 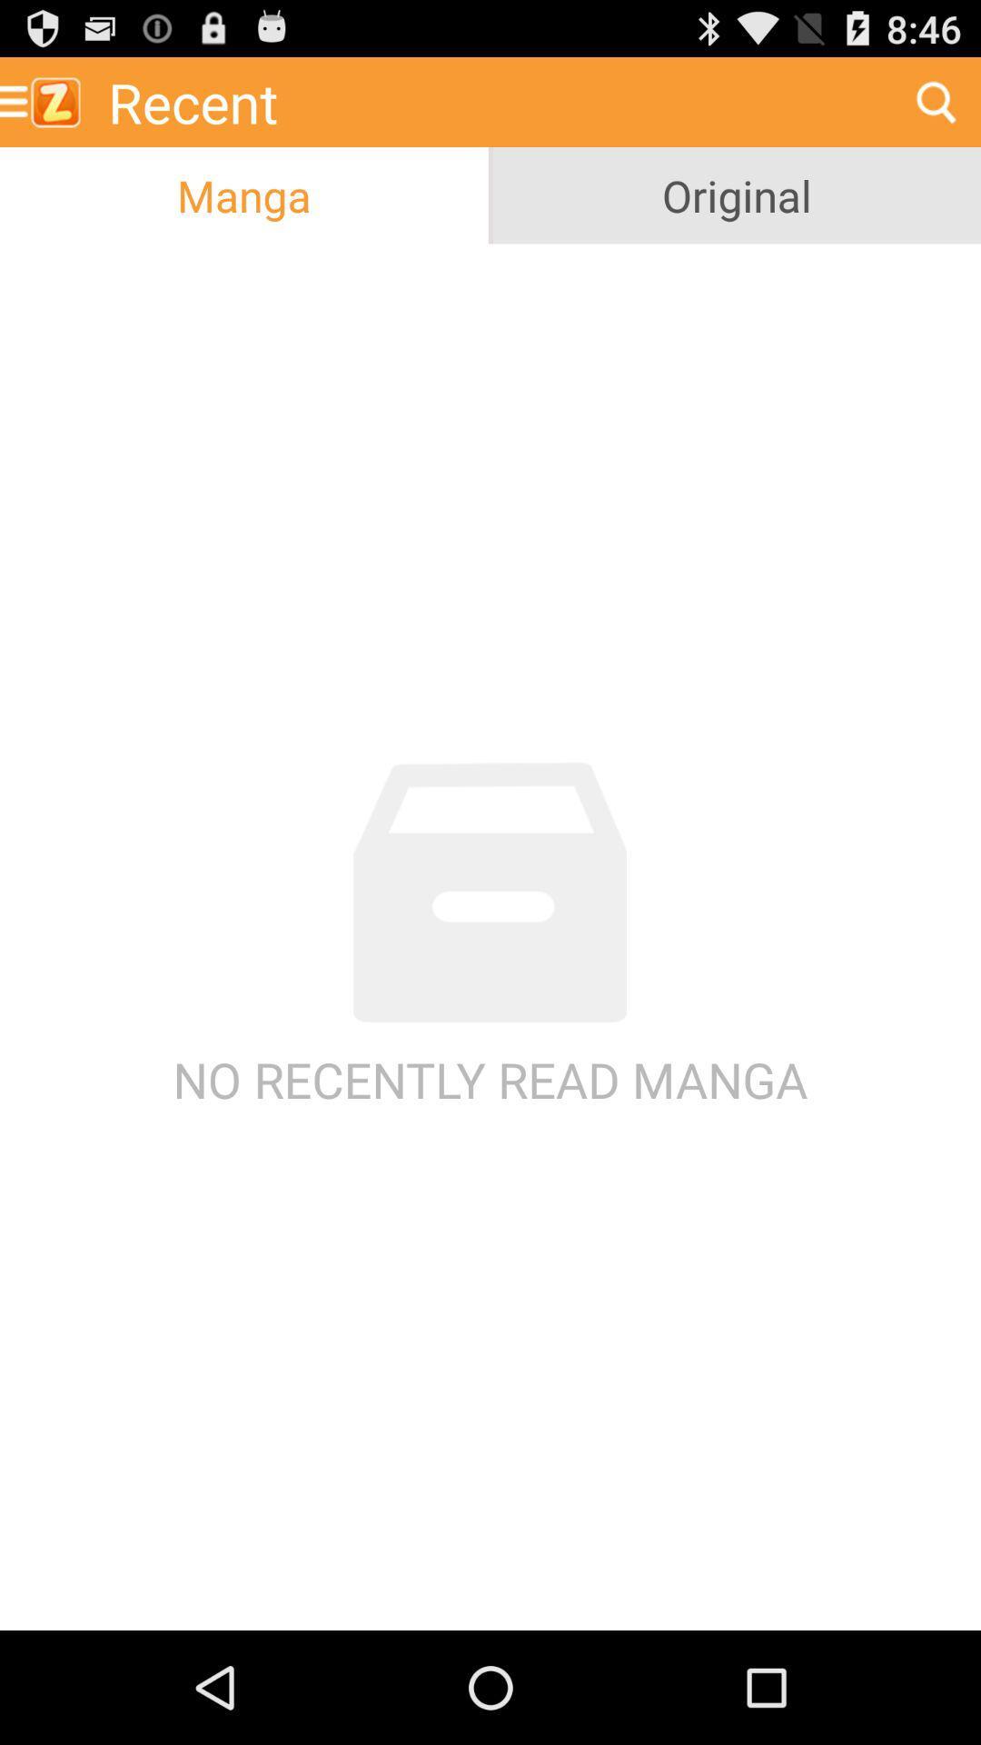 I want to click on radio button above original item, so click(x=936, y=101).